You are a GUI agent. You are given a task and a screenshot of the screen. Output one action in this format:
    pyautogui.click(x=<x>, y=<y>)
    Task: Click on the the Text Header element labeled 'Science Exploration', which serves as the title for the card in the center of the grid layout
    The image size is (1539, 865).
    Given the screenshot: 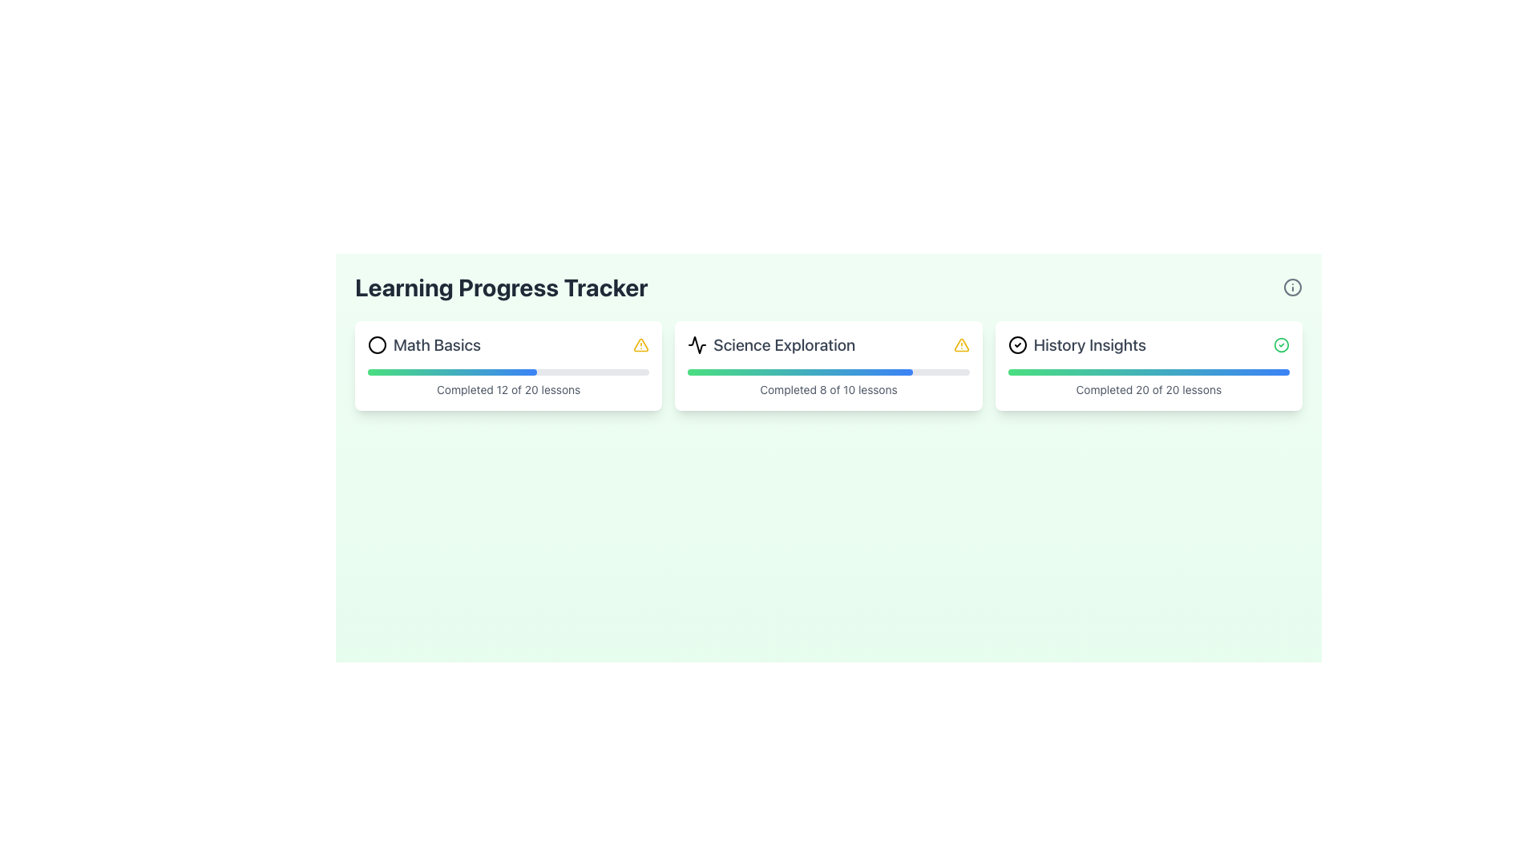 What is the action you would take?
    pyautogui.click(x=828, y=344)
    